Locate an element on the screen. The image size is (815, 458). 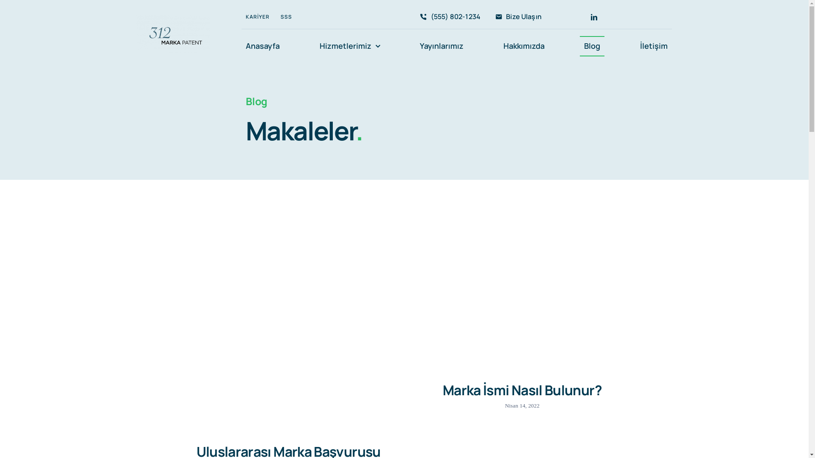
'Hizmetlerimiz' is located at coordinates (350, 46).